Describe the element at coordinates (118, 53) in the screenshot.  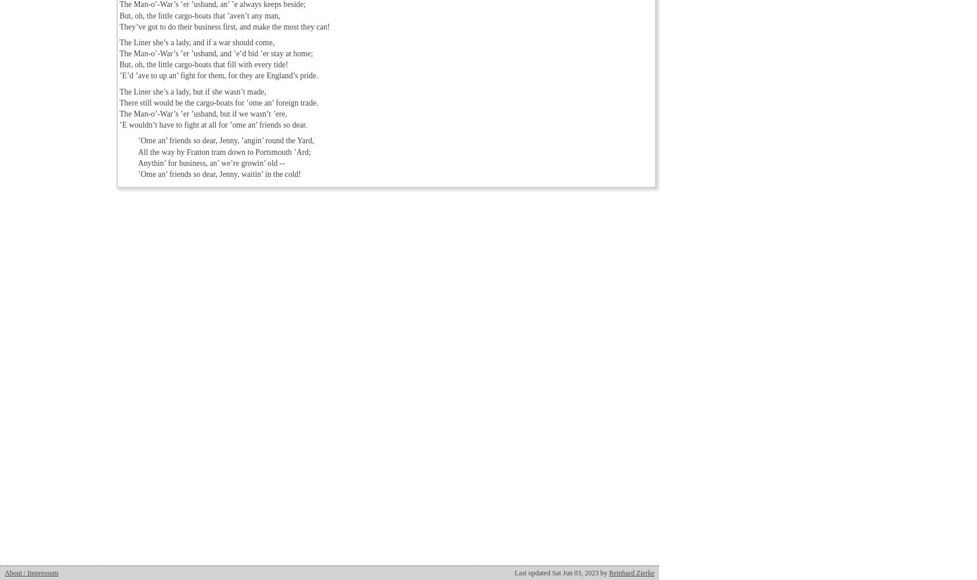
I see `'The Man-o’-War’s ’er ’usband, and ’e’d bid ’er stay at home;'` at that location.